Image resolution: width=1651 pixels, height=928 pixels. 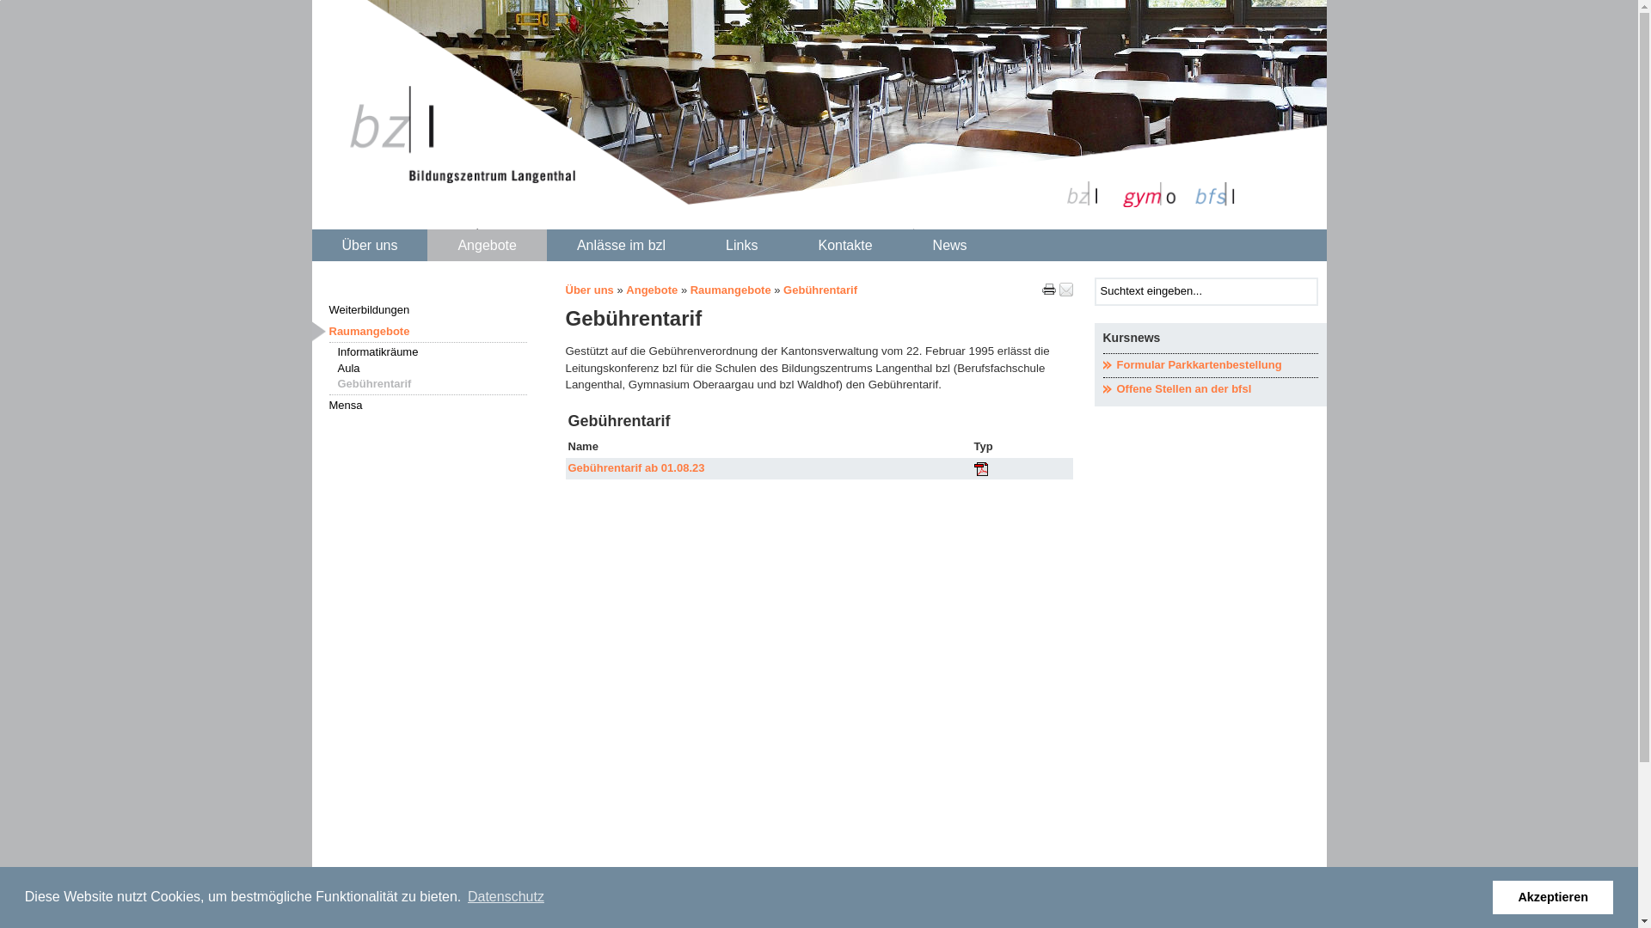 I want to click on 'Links', so click(x=741, y=246).